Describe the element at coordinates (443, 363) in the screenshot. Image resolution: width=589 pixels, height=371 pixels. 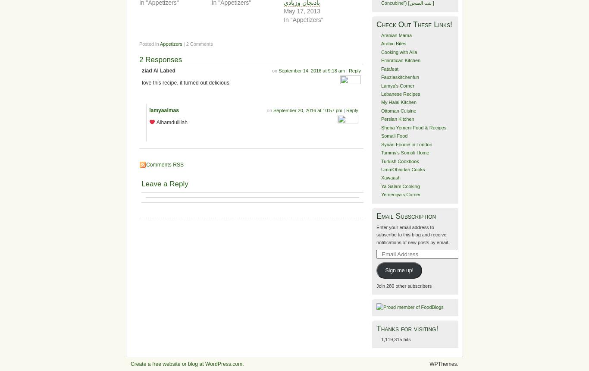
I see `'WPThemes.'` at that location.